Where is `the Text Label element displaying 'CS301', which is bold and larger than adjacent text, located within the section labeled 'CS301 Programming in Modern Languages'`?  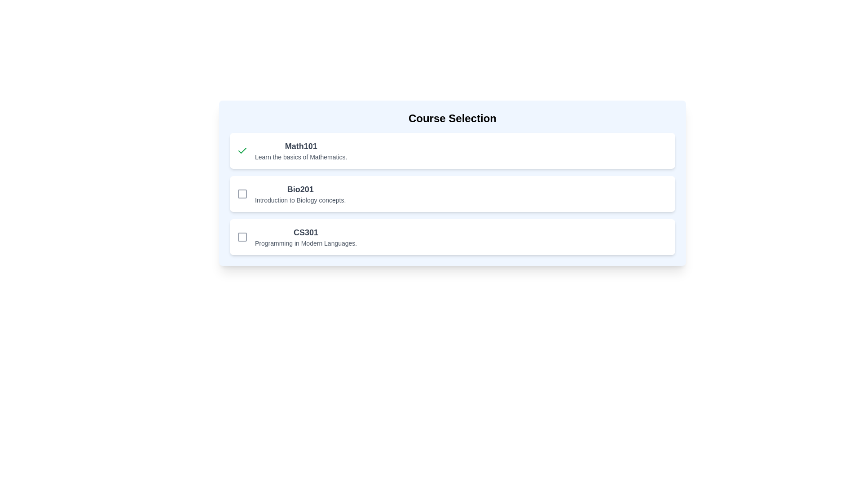
the Text Label element displaying 'CS301', which is bold and larger than adjacent text, located within the section labeled 'CS301 Programming in Modern Languages' is located at coordinates (306, 232).